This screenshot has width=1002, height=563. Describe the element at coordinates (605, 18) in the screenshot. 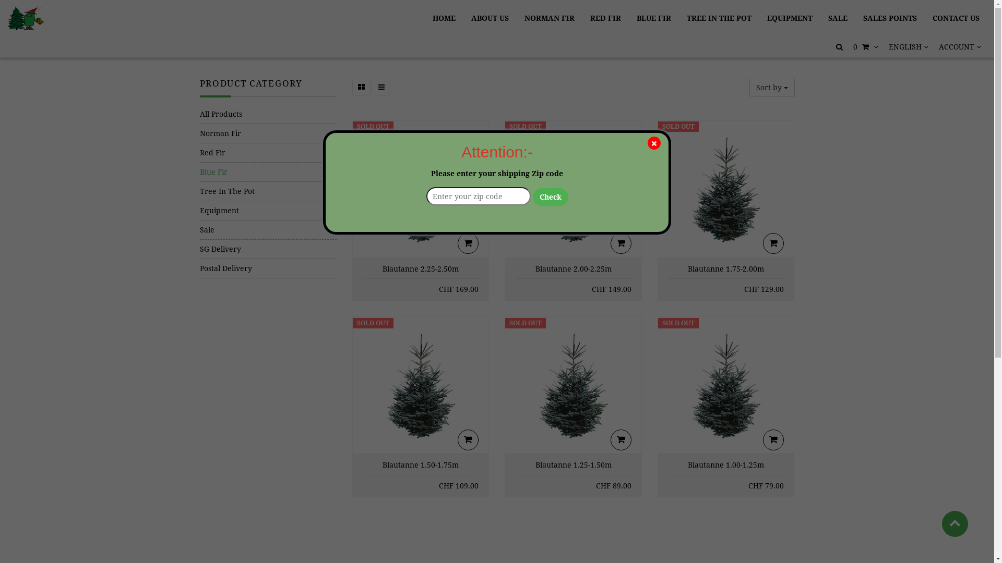

I see `'RED FIR'` at that location.